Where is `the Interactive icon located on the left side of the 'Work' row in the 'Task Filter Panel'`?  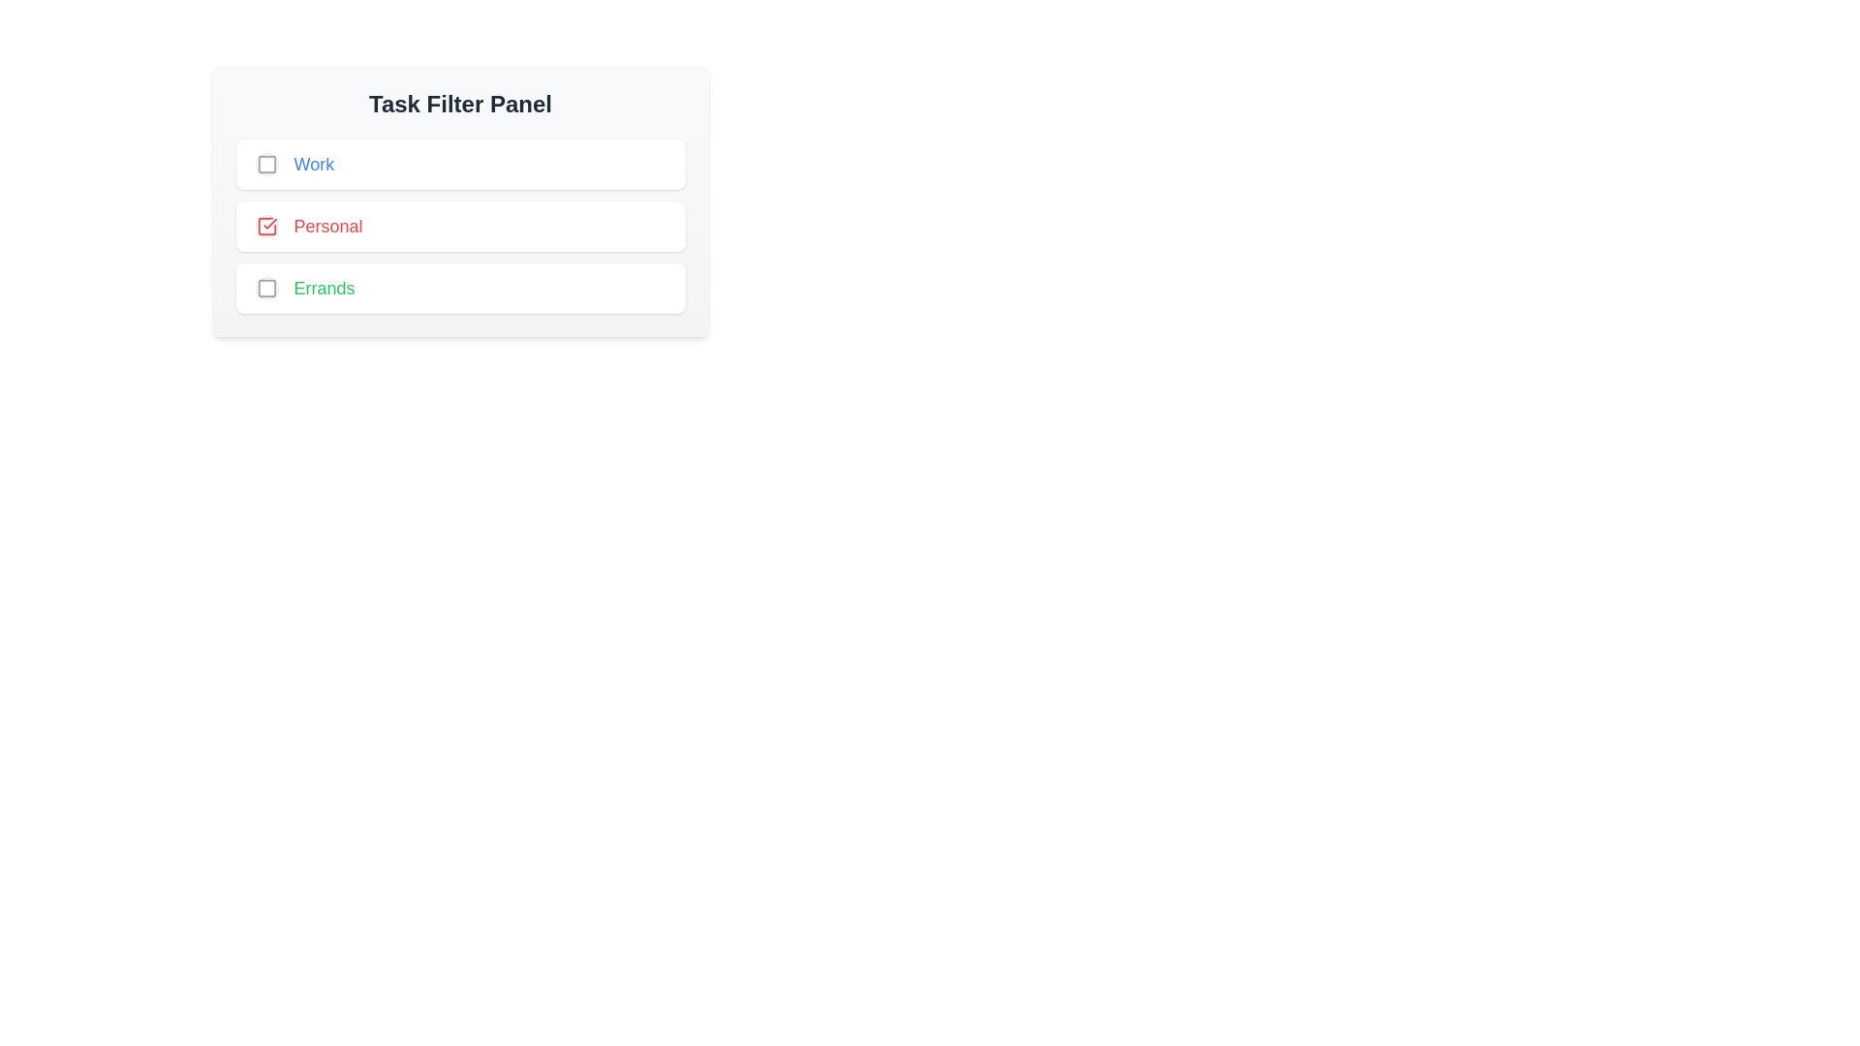 the Interactive icon located on the left side of the 'Work' row in the 'Task Filter Panel' is located at coordinates (265, 163).